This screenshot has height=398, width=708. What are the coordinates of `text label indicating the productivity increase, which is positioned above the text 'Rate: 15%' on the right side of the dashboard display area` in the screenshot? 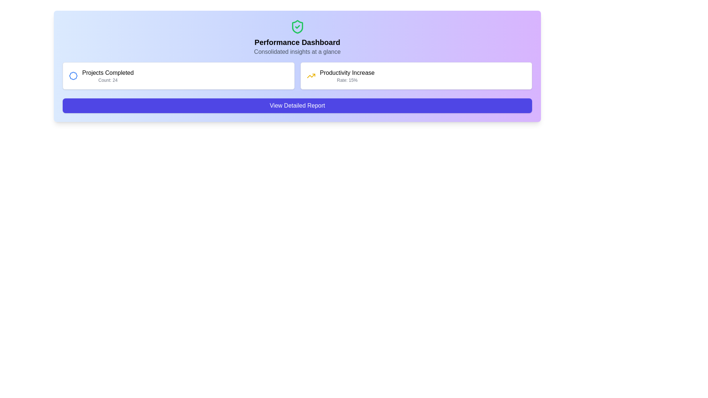 It's located at (347, 73).